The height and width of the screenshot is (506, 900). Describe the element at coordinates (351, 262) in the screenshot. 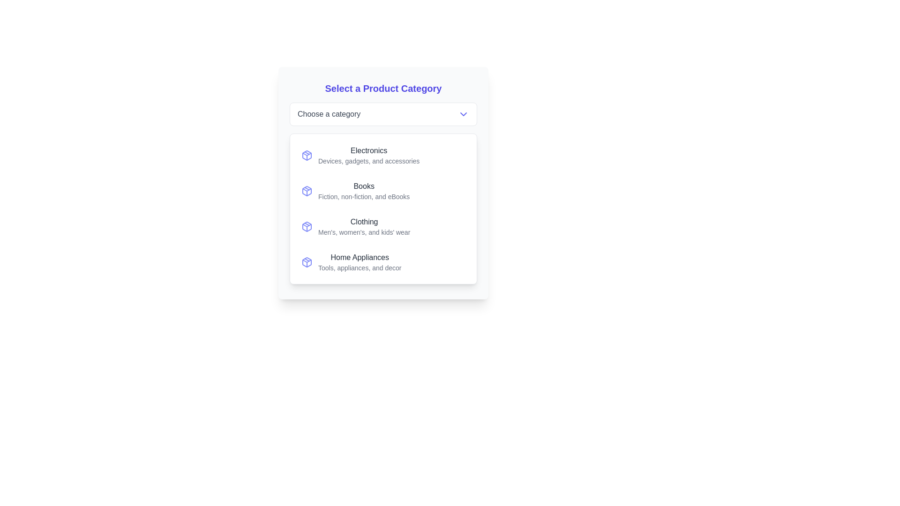

I see `to select the 'Home Appliances' category, which is the fourth option in the vertical list under the 'Choose a category' dropdown in the 'Select a Product Category' section` at that location.